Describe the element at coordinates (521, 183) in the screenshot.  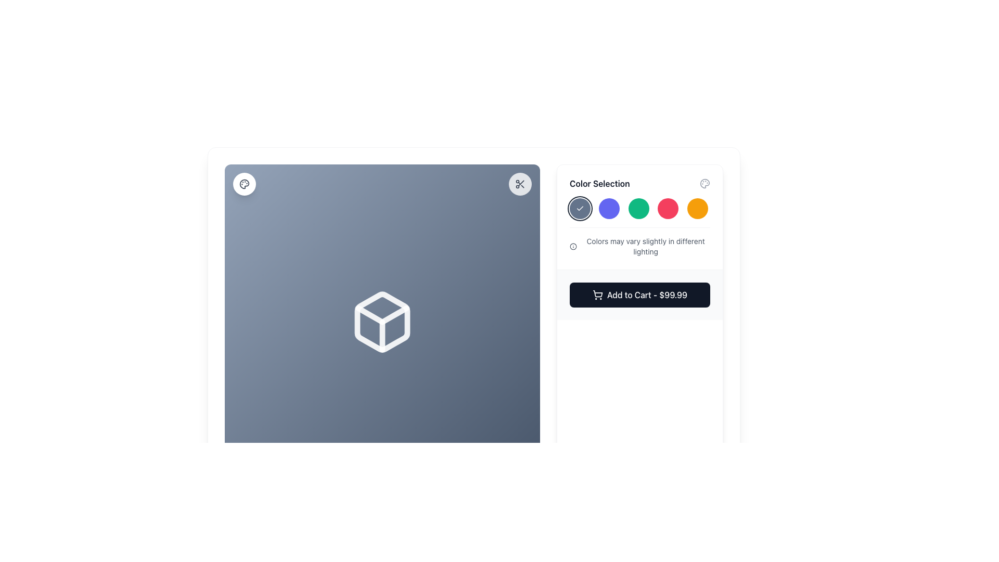
I see `the thin diagonal line forming part of the scissor icon located in the upper-right corner of the main visual panel` at that location.